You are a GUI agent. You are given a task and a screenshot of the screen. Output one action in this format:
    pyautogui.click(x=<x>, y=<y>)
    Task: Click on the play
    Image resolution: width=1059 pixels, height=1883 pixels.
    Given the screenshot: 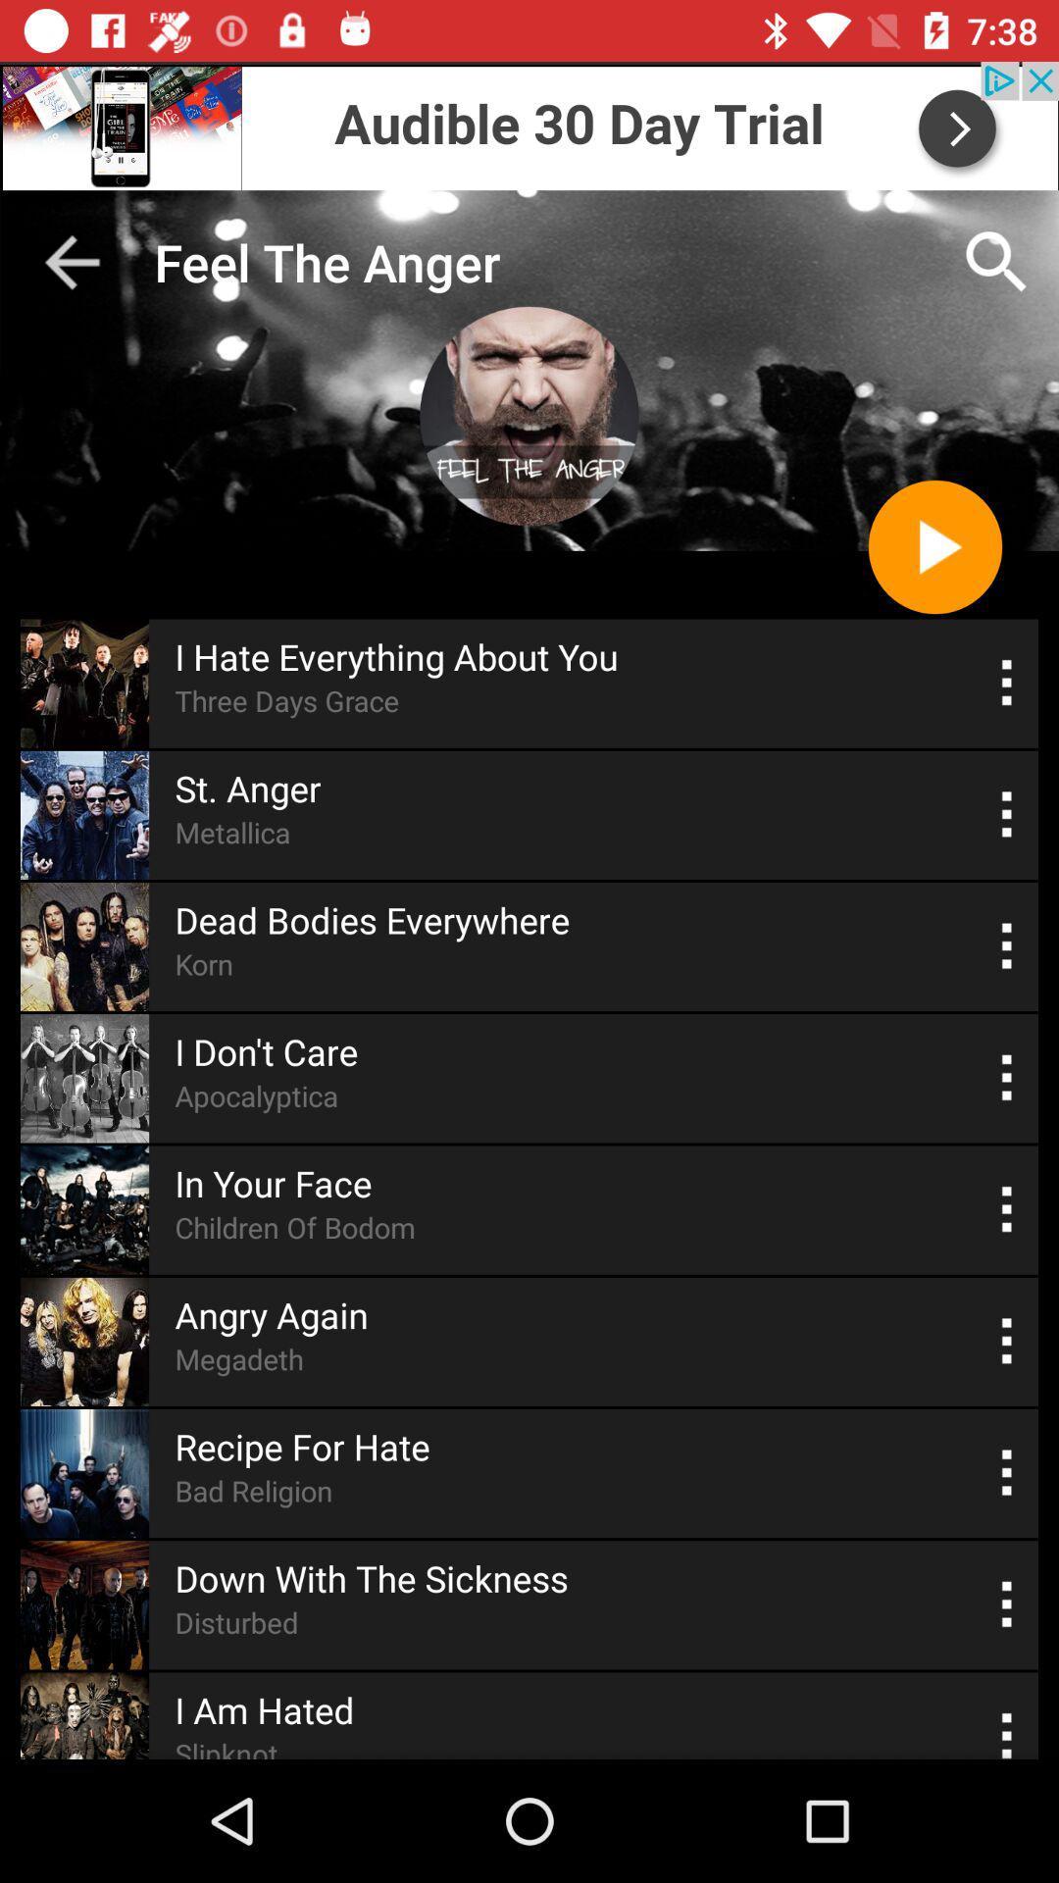 What is the action you would take?
    pyautogui.click(x=933, y=546)
    